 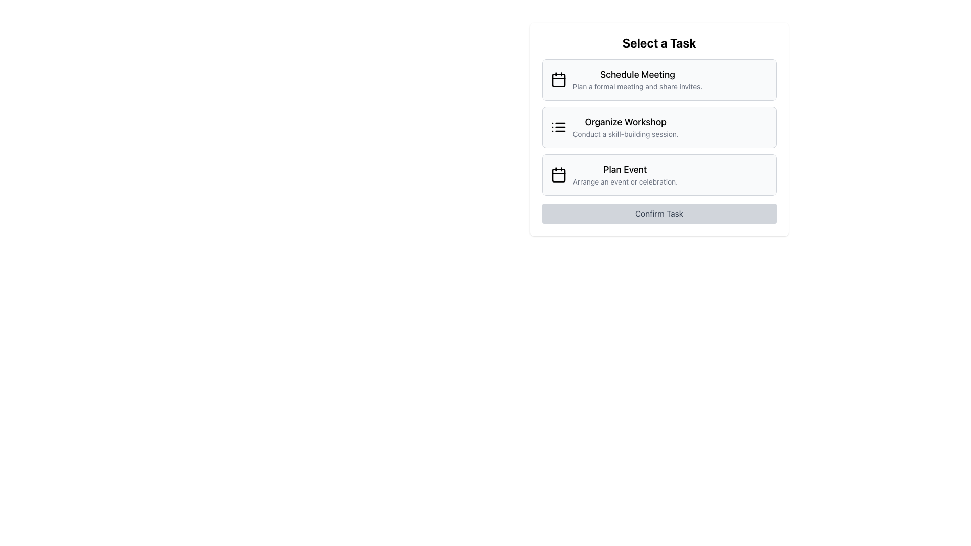 I want to click on the 'Plan Event' clickable card or button, which is the third item in a vertically stacked list located below the 'Organize Workshop' option, so click(x=625, y=174).